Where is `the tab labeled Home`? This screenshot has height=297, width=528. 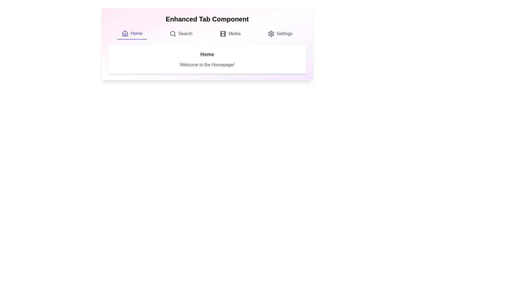 the tab labeled Home is located at coordinates (132, 34).